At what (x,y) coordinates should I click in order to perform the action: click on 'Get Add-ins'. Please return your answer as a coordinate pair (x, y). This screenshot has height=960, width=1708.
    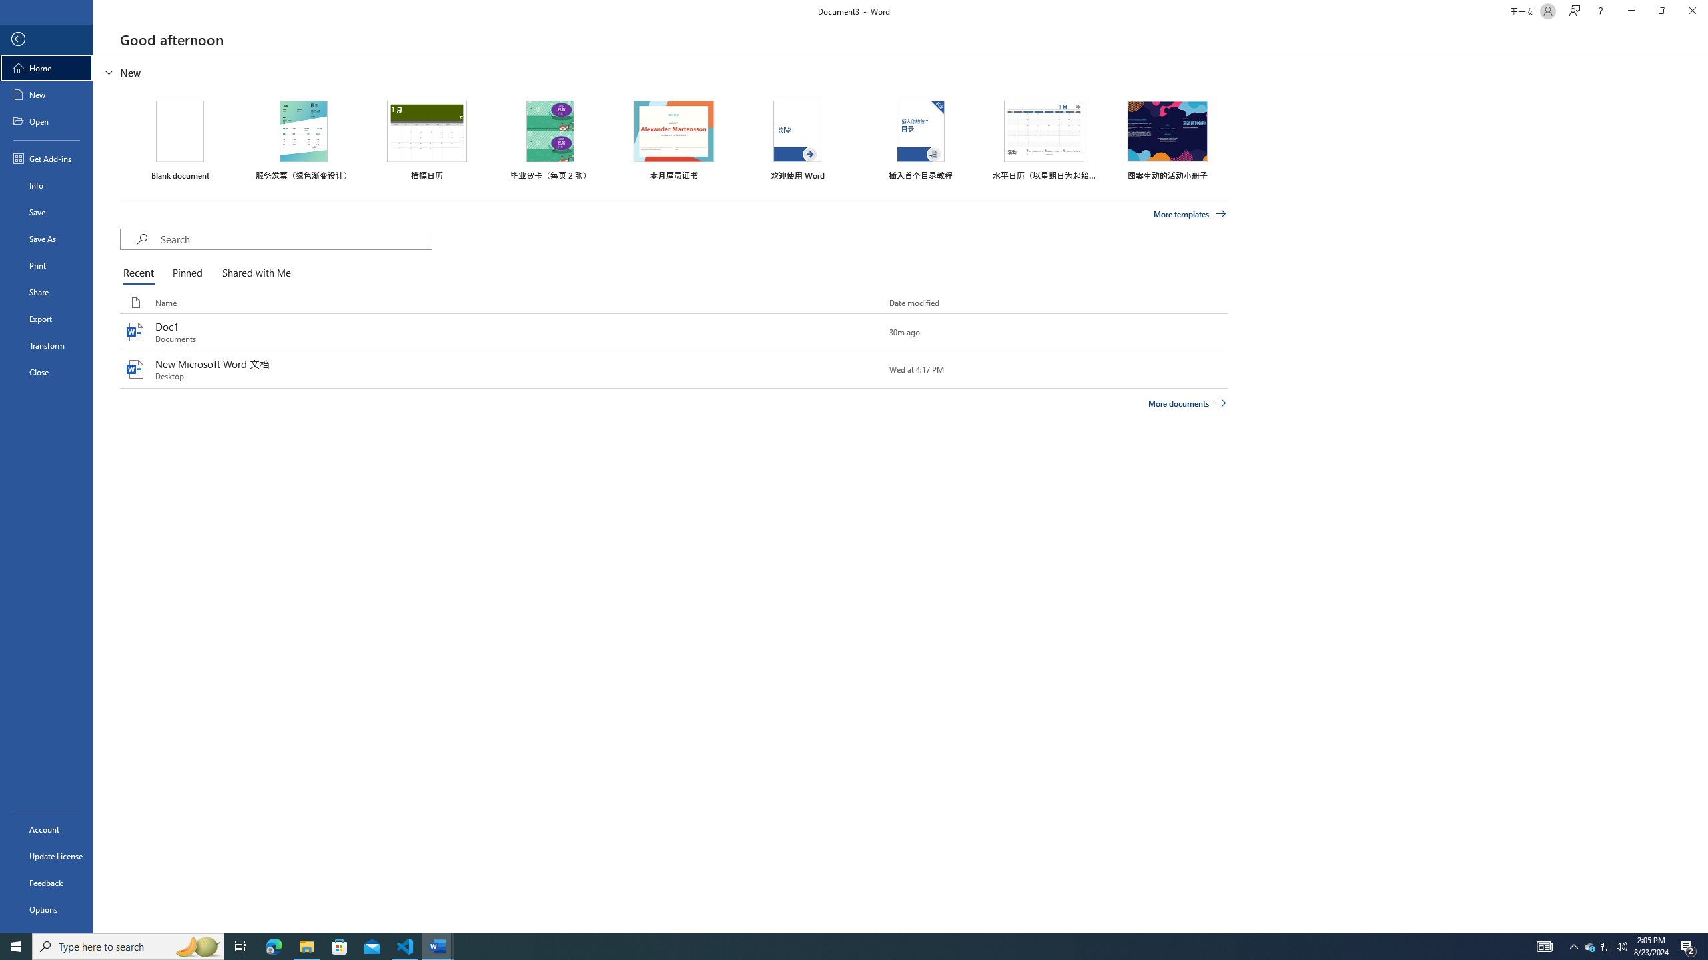
    Looking at the image, I should click on (46, 158).